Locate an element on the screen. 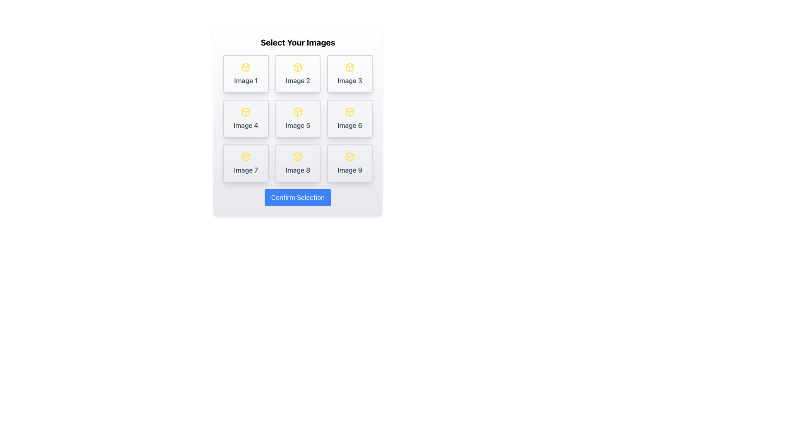  the text label displaying 'Image 1,' which is styled with a medium-weight font and gray text color, located below the yellow box icon in the first item of a 3x3 grid is located at coordinates (245, 81).